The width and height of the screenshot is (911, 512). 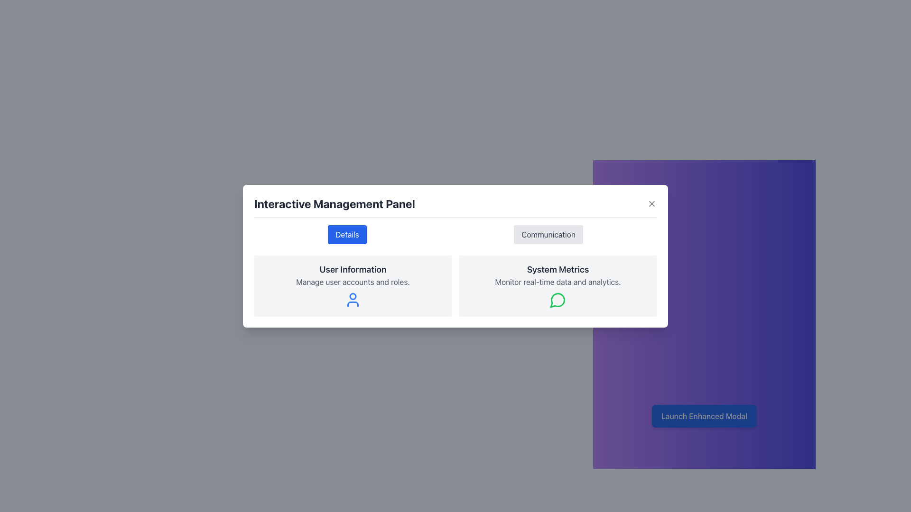 What do you see at coordinates (353, 300) in the screenshot?
I see `the blue outline user icon located under the 'User Information' text in the left section of the 'Interactive Management Panel'` at bounding box center [353, 300].